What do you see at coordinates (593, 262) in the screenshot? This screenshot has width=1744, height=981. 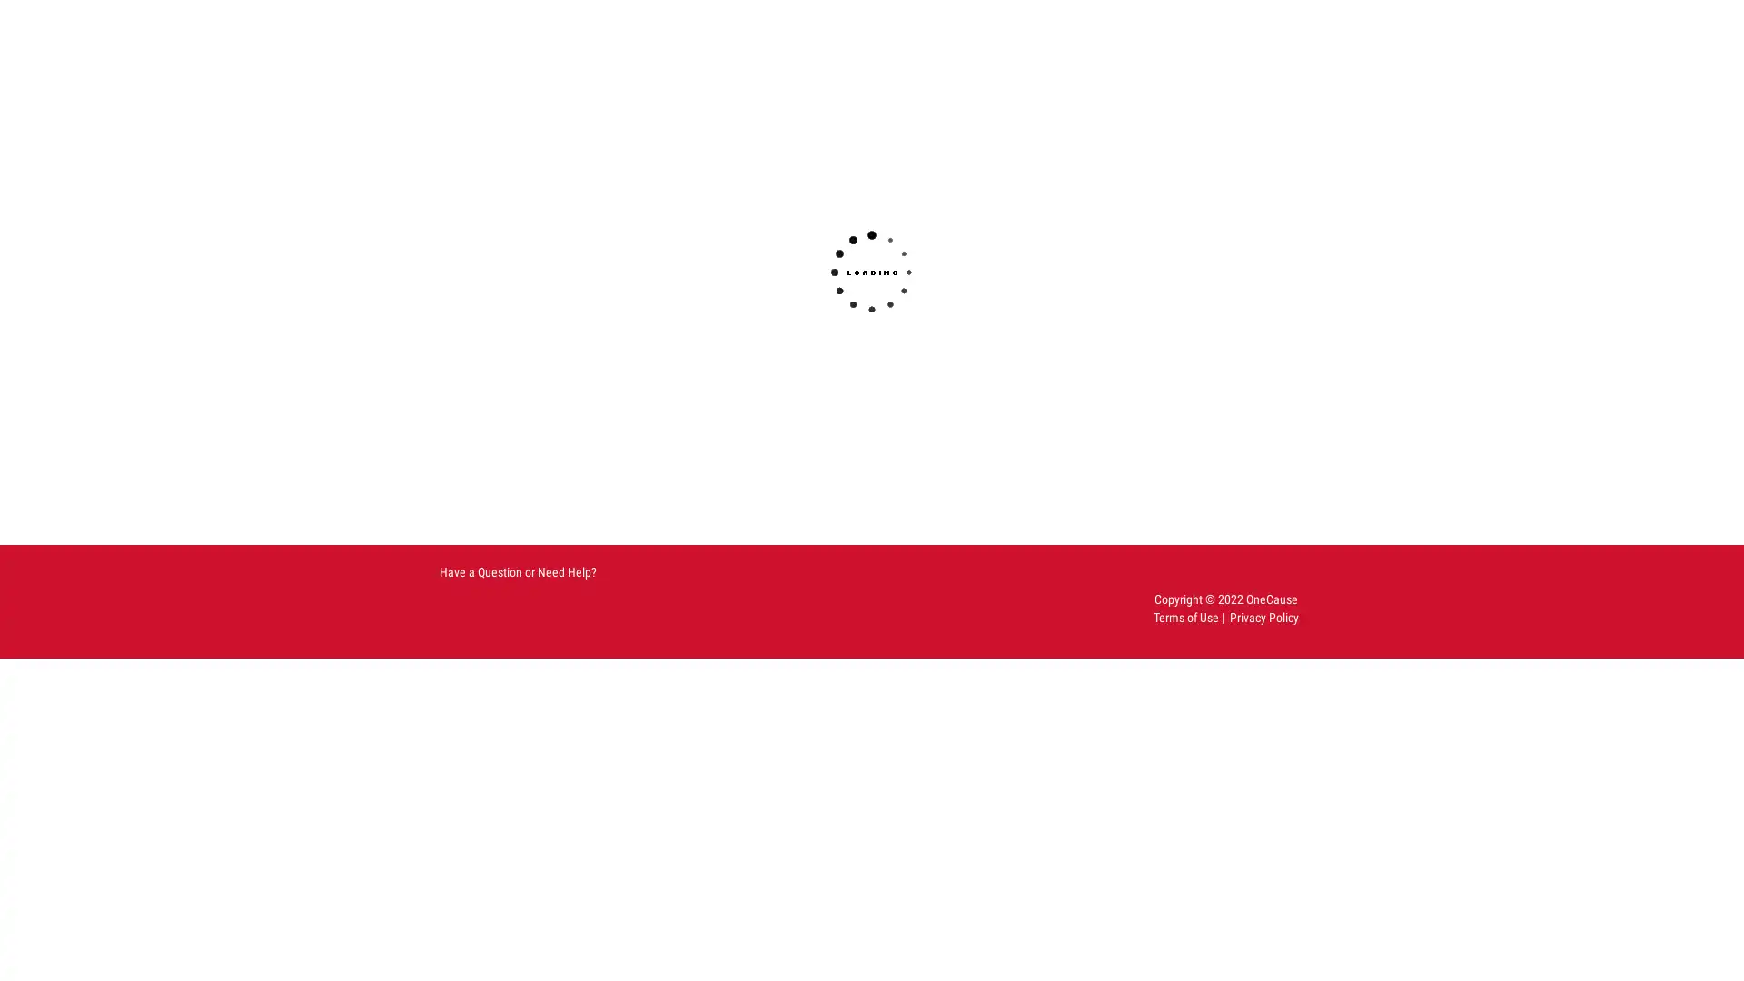 I see `$100` at bounding box center [593, 262].